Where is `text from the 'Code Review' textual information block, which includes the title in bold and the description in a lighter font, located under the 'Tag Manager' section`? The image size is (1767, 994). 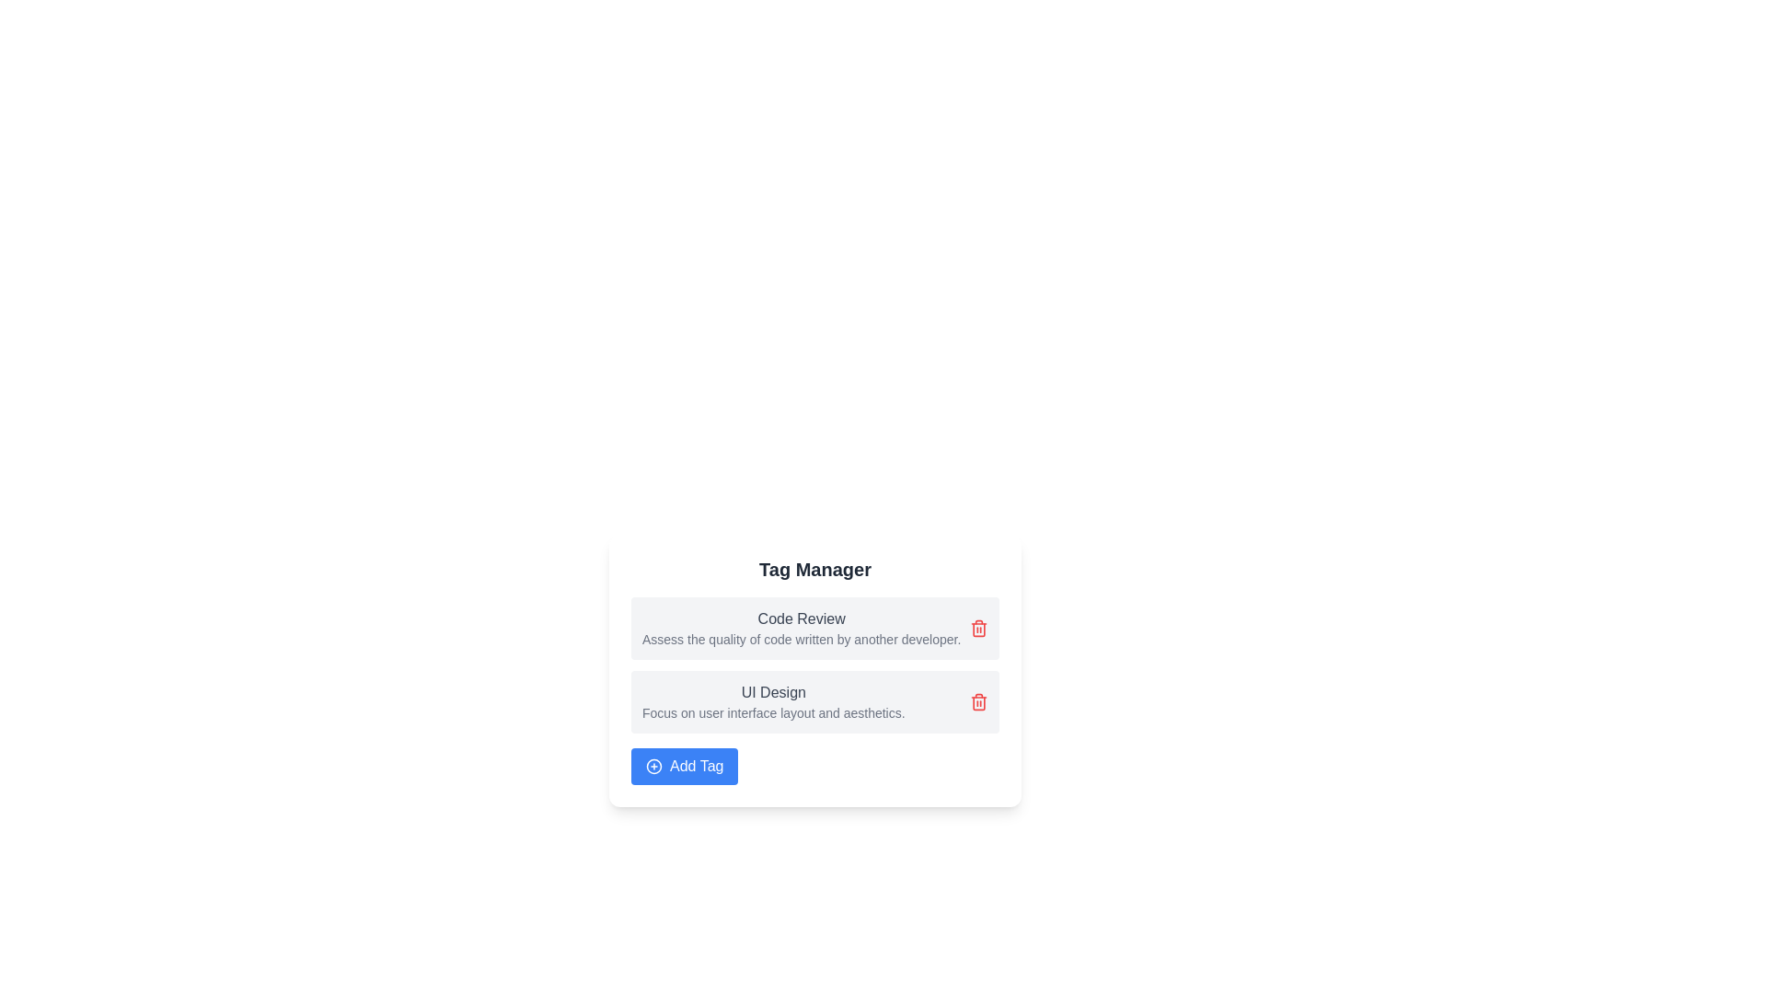 text from the 'Code Review' textual information block, which includes the title in bold and the description in a lighter font, located under the 'Tag Manager' section is located at coordinates (802, 627).